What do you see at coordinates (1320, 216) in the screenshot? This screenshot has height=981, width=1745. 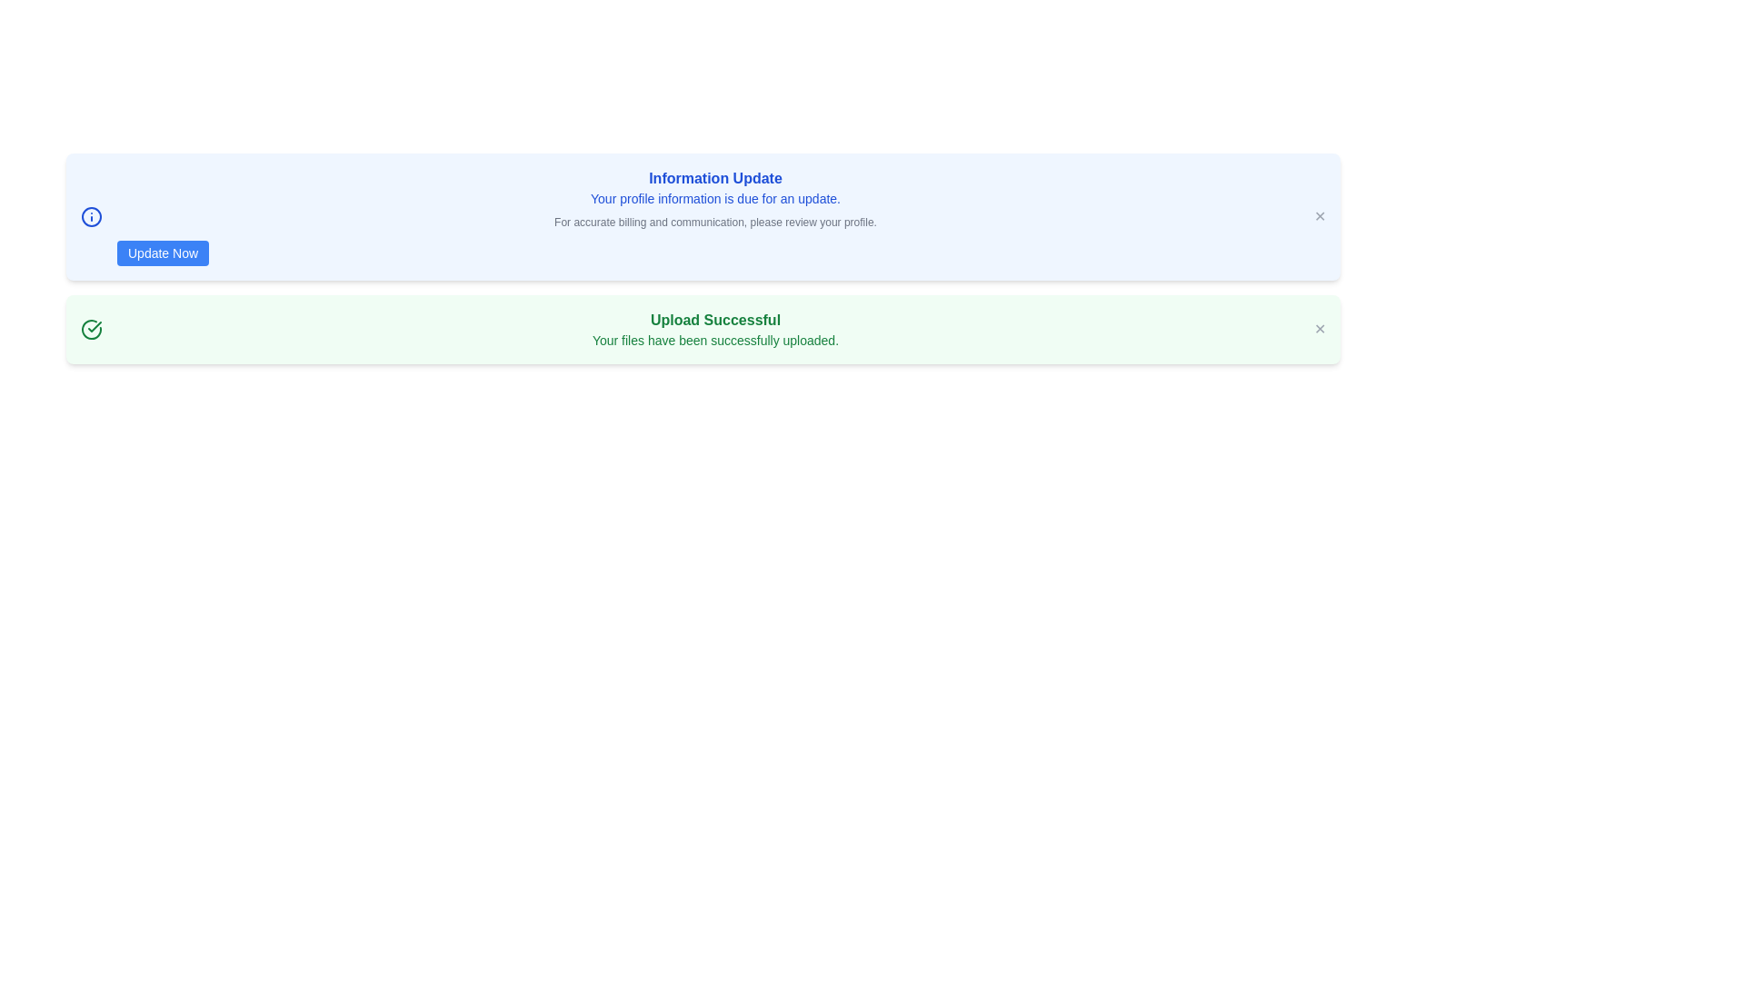 I see `the close button represented by '✕' in the top-right corner of the blue informational box labeled 'Information Update'` at bounding box center [1320, 216].